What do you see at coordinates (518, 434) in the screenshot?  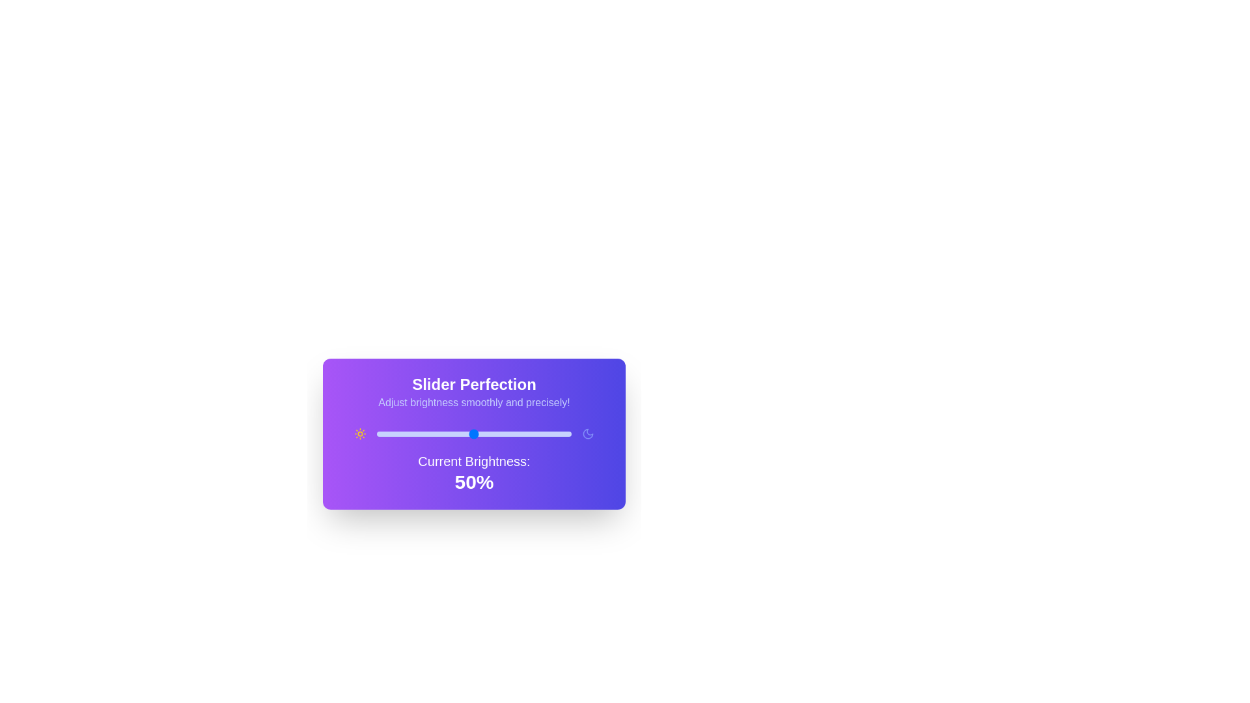 I see `the brightness slider to 73%` at bounding box center [518, 434].